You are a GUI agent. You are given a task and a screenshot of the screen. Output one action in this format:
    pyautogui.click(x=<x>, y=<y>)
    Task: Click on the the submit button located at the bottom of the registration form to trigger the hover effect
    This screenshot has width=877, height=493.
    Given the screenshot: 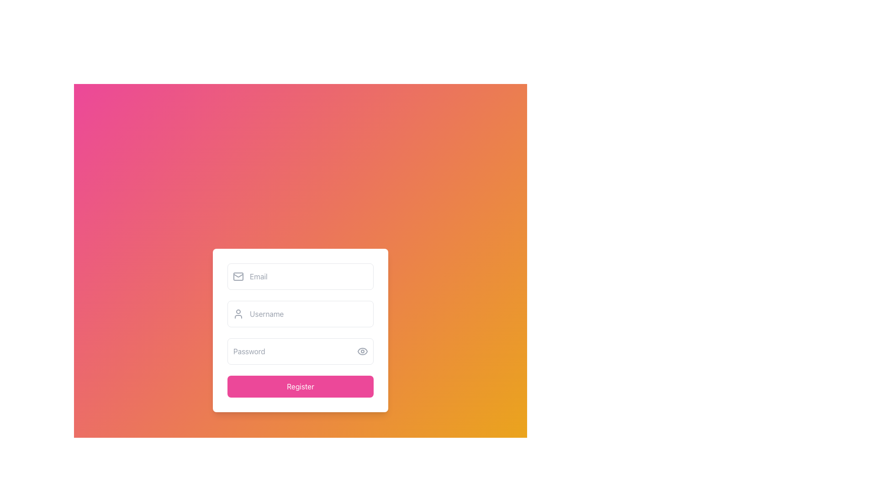 What is the action you would take?
    pyautogui.click(x=300, y=387)
    